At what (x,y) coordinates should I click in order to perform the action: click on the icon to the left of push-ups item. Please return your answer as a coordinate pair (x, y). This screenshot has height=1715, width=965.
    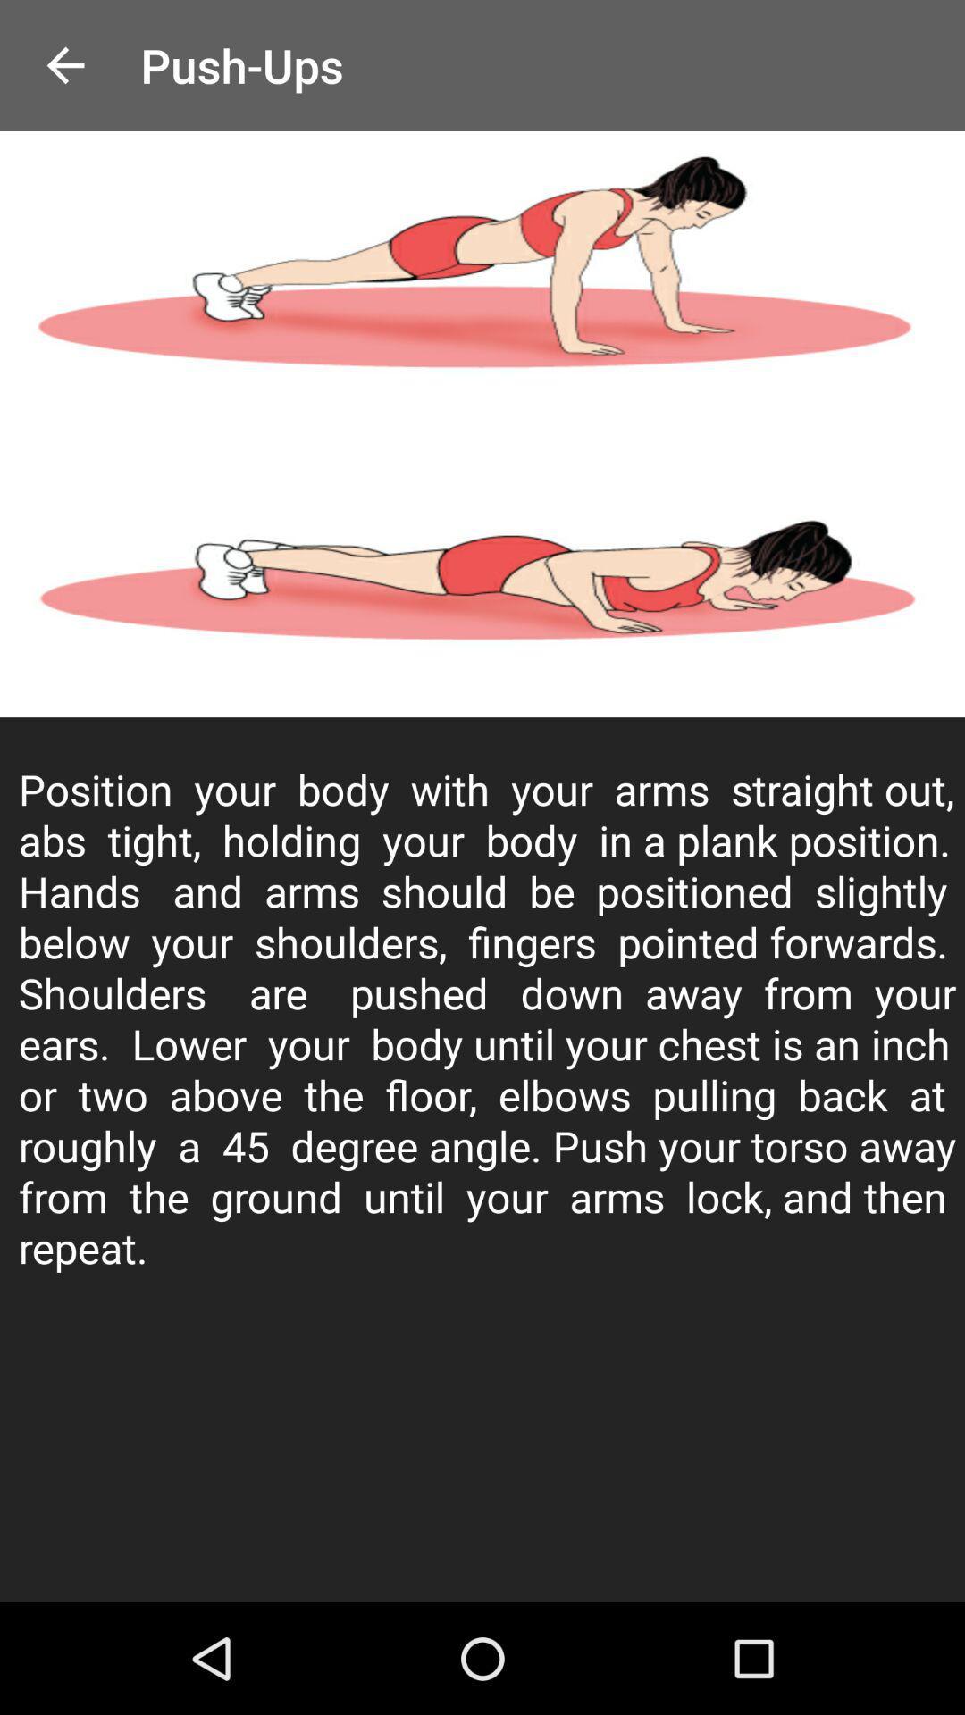
    Looking at the image, I should click on (64, 65).